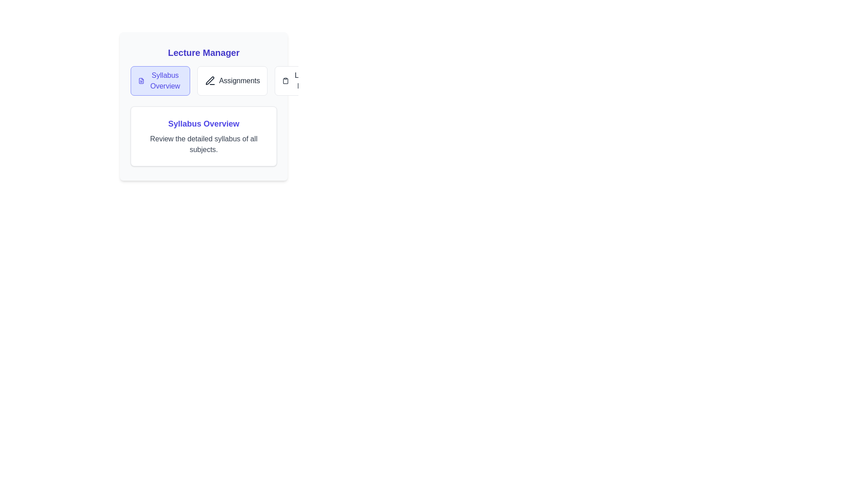  What do you see at coordinates (160, 81) in the screenshot?
I see `the 'Syllabus Overview' button with a light indigo background and indigo text` at bounding box center [160, 81].